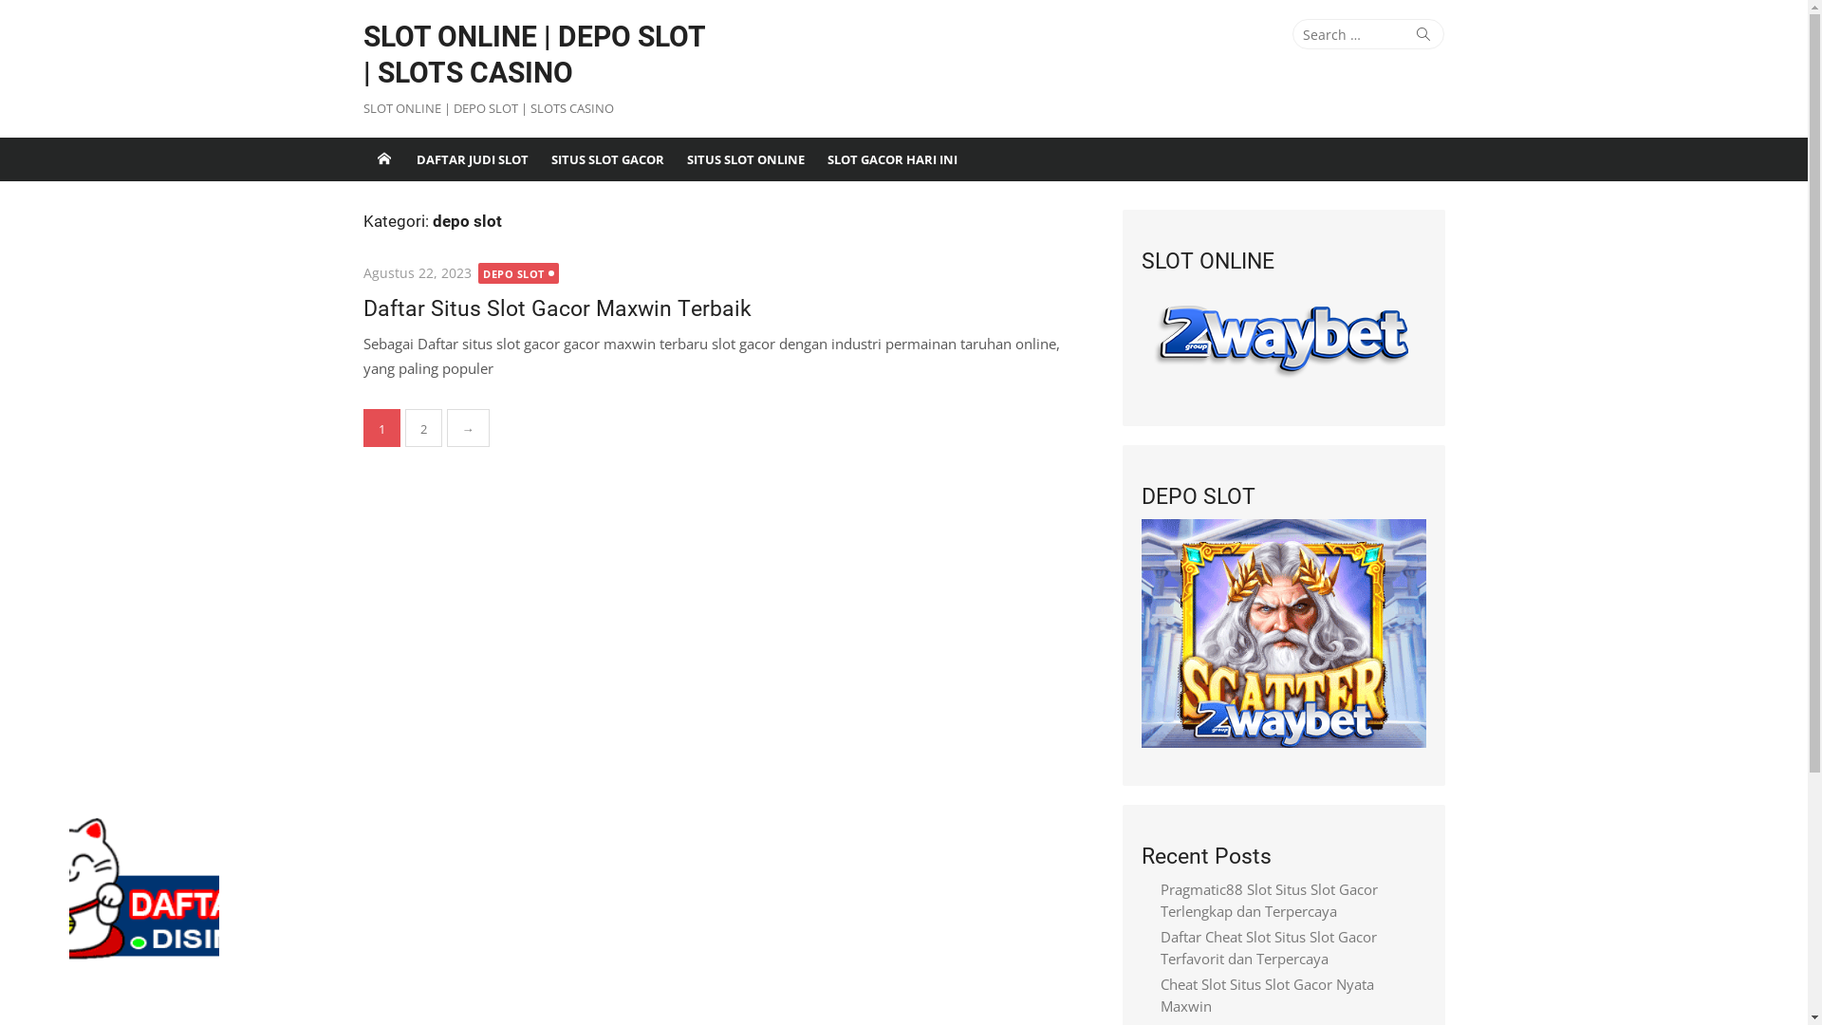 This screenshot has height=1025, width=1822. What do you see at coordinates (415, 272) in the screenshot?
I see `'Agustus 22, 2023'` at bounding box center [415, 272].